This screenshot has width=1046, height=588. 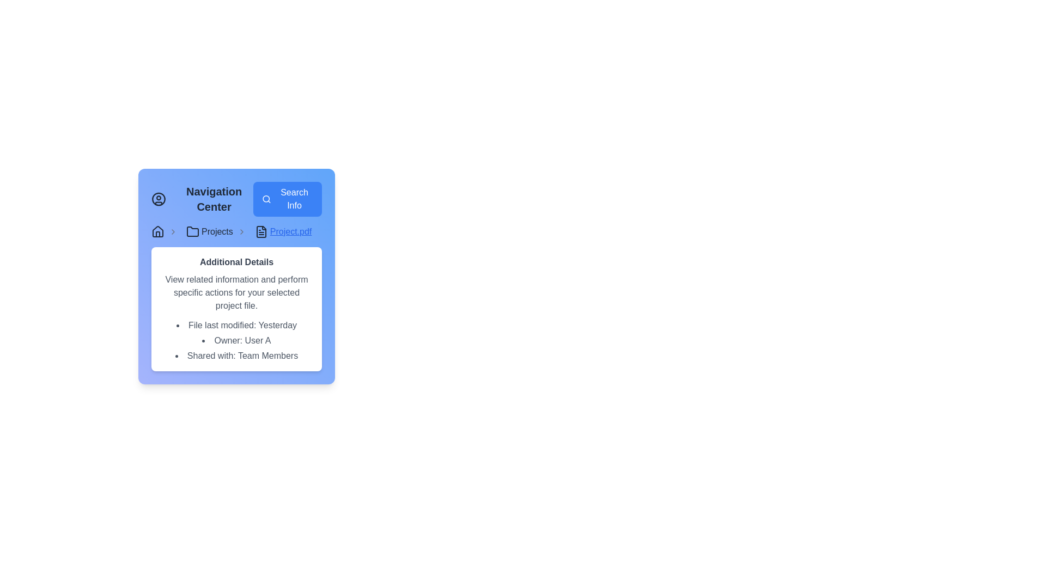 I want to click on the text label indicating 'User A' as the owner, which is the second item in the bulleted list within the 'Additional Details' section, located below 'File last modified: Yesterday', so click(x=236, y=340).